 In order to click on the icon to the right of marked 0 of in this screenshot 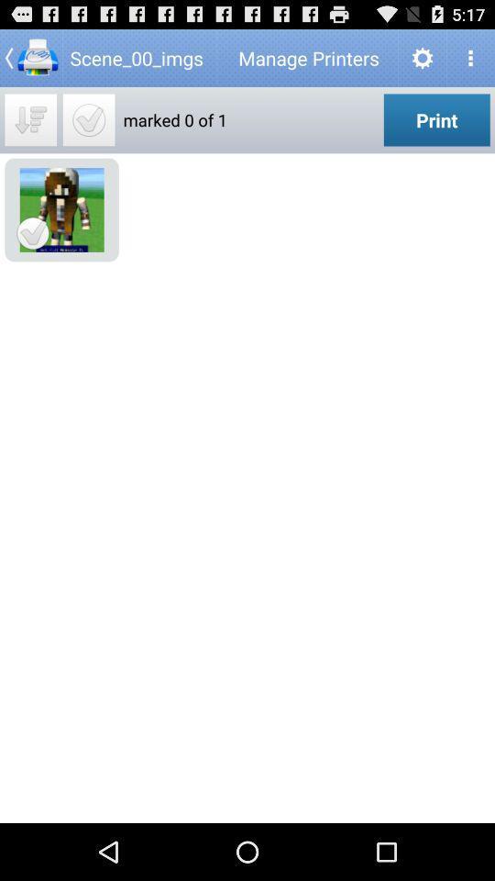, I will do `click(435, 118)`.